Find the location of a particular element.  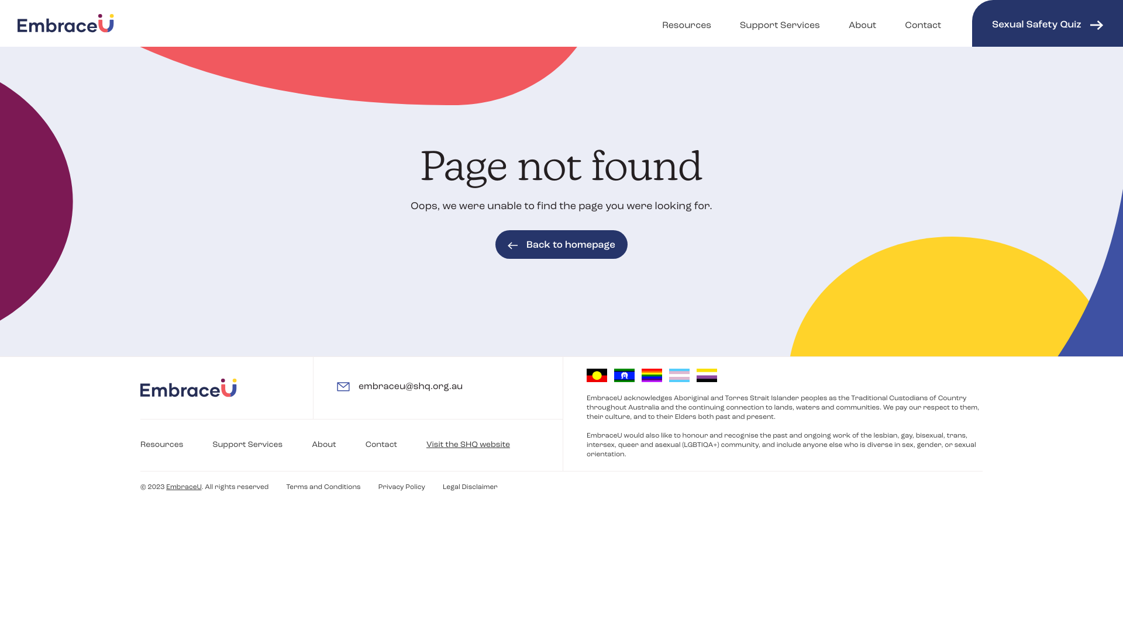

'embraceu@shq.org.au' is located at coordinates (399, 387).